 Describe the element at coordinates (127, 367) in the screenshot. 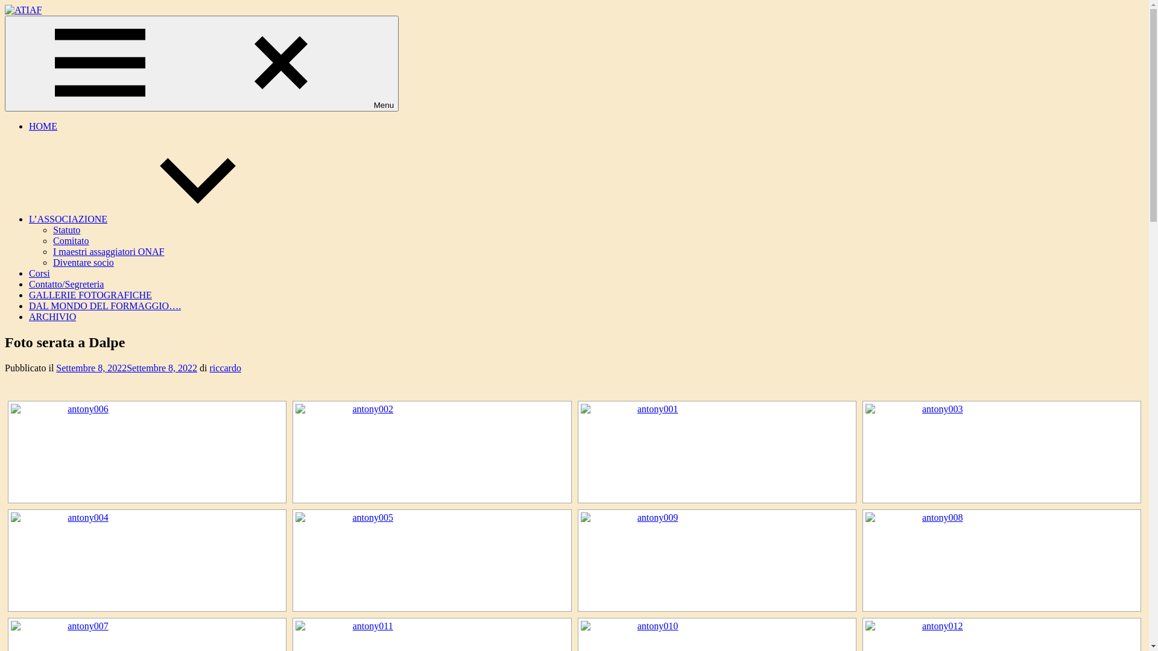

I see `'Settembre 8, 2022Settembre 8, 2022'` at that location.